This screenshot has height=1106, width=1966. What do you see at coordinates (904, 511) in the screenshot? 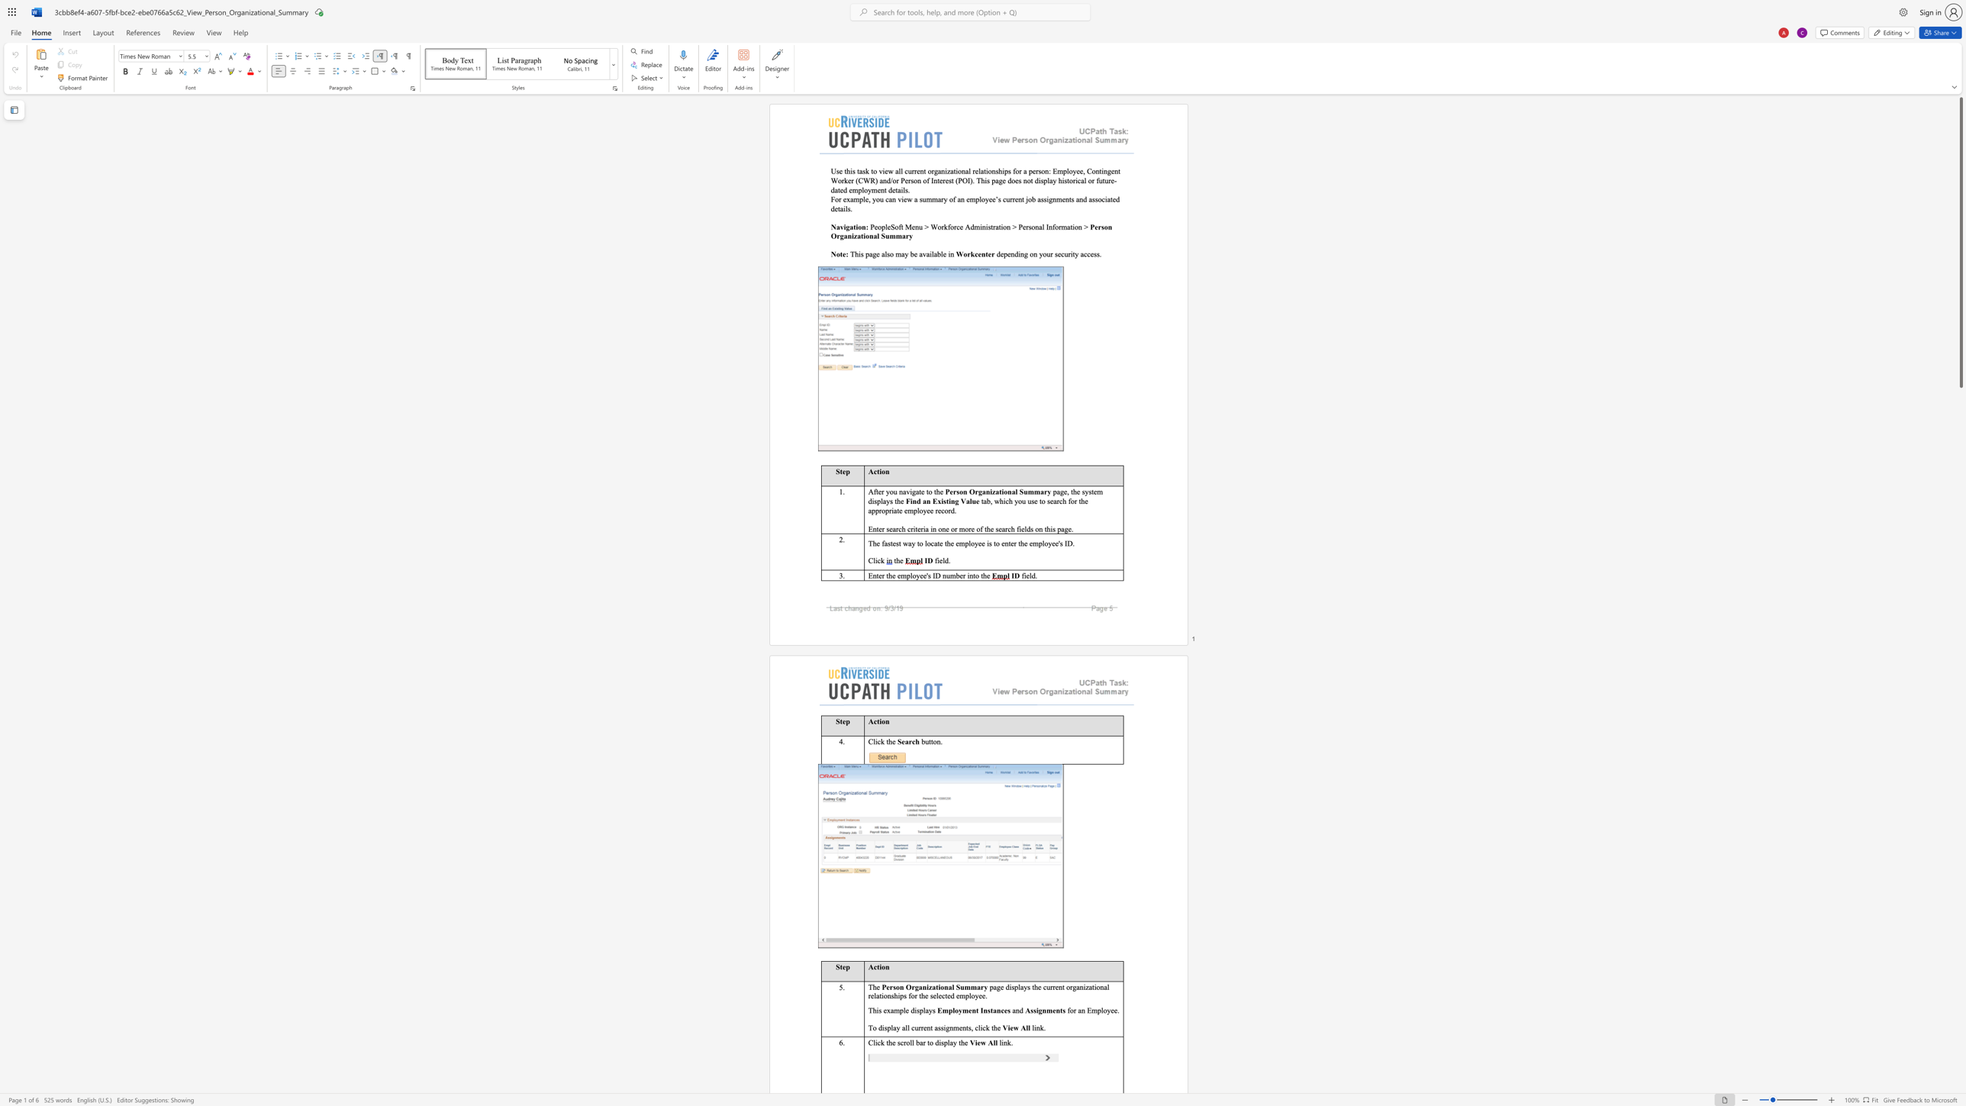
I see `the subset text "emp" within the text "appropriate employee"` at bounding box center [904, 511].